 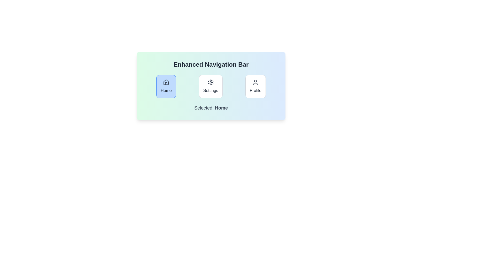 What do you see at coordinates (211, 86) in the screenshot?
I see `the 'Settings' navigation button located in the middle of the horizontal menu bar beneath the 'Enhanced Navigation Bar' header` at bounding box center [211, 86].